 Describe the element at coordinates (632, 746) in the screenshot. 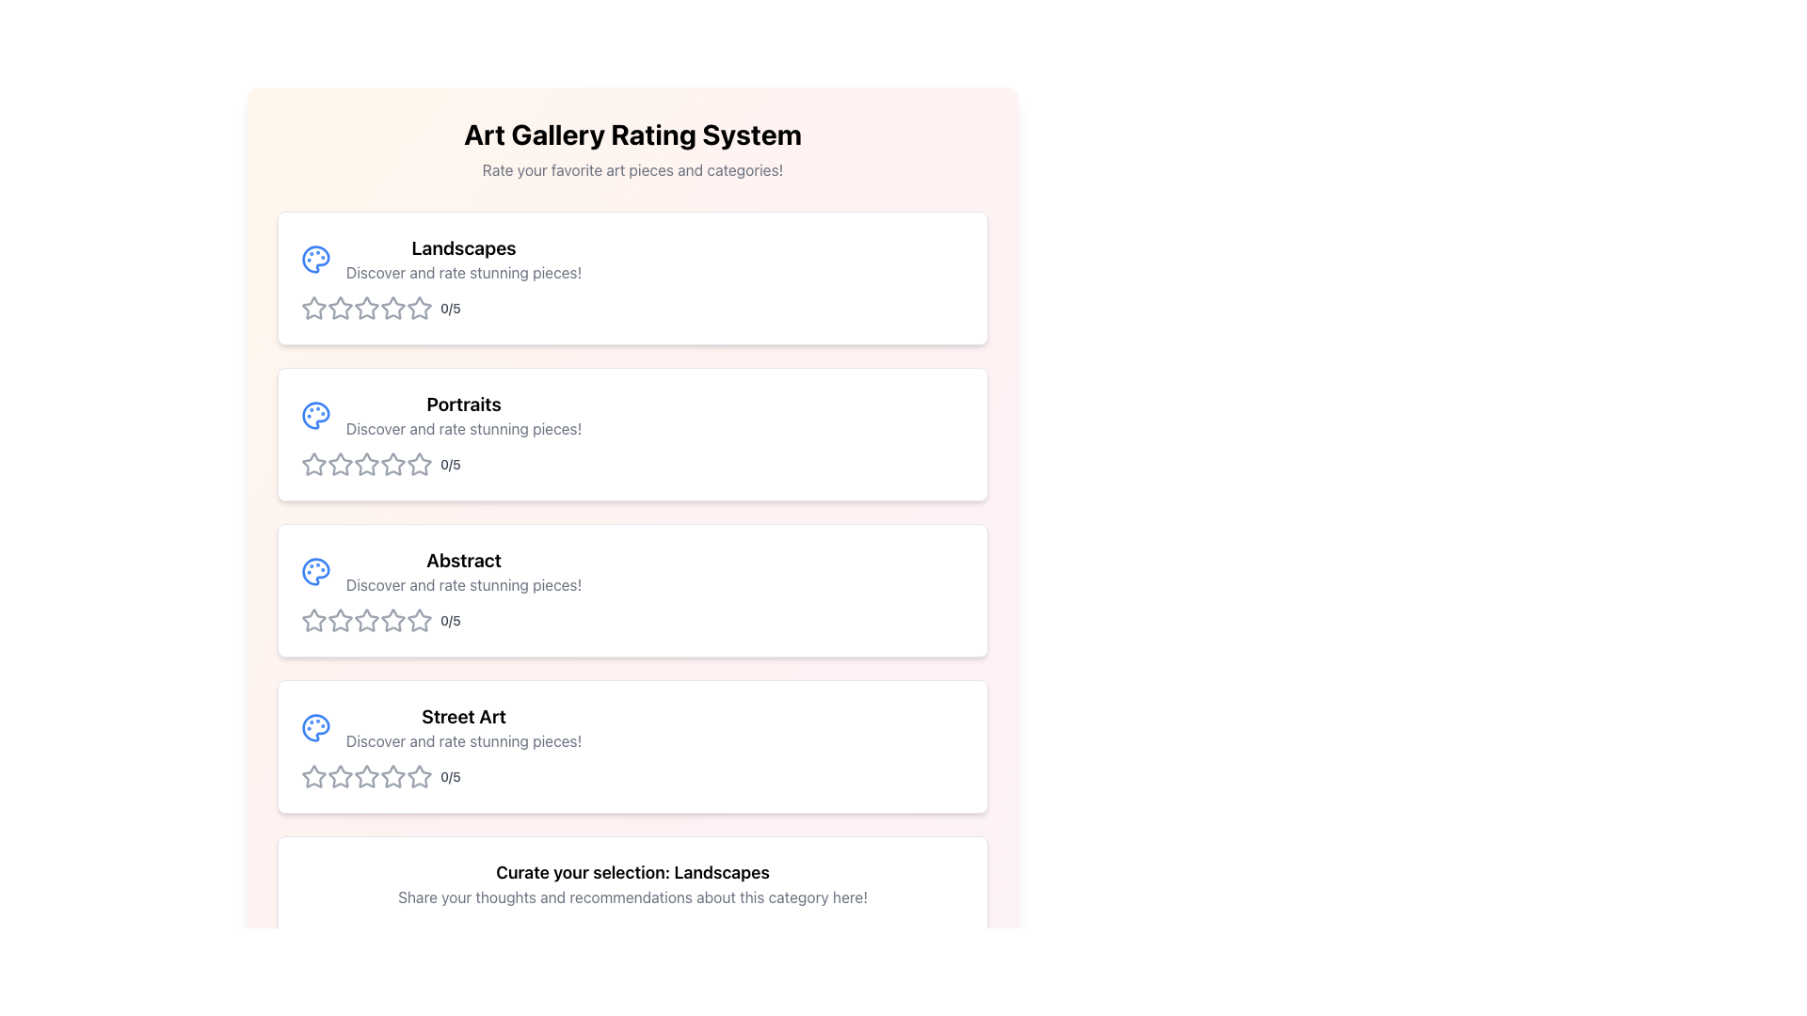

I see `the 'Street Art' category card` at that location.